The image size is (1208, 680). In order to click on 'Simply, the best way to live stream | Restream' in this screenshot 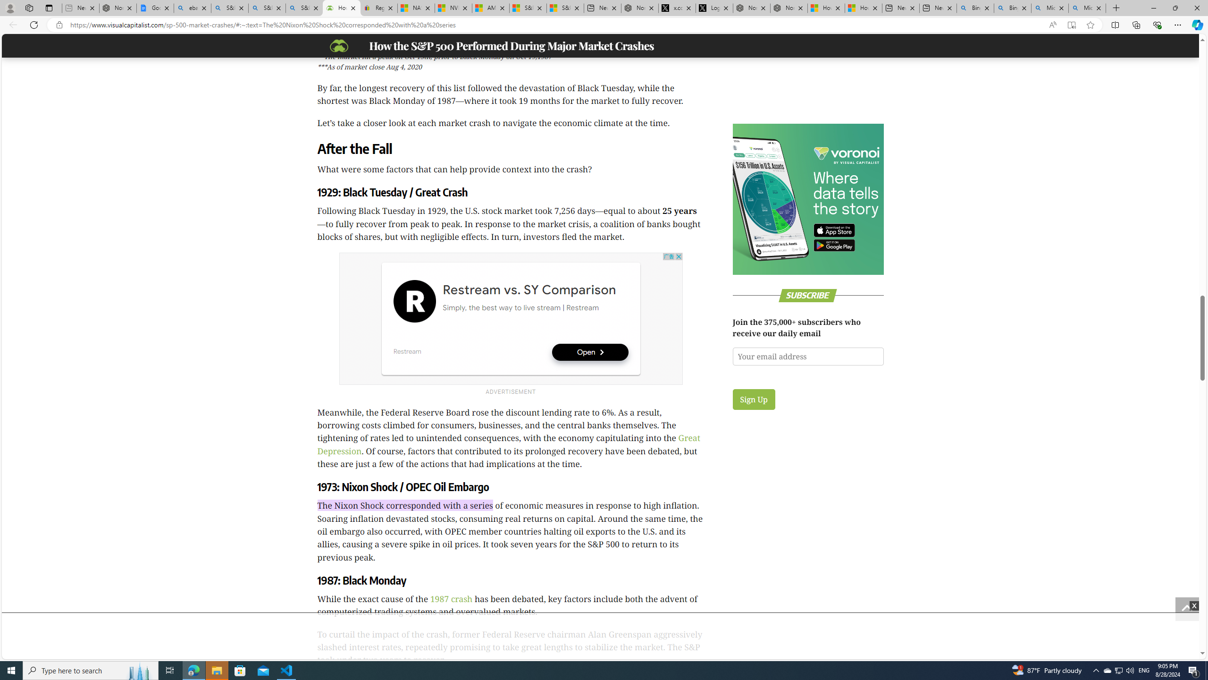, I will do `click(520, 307)`.